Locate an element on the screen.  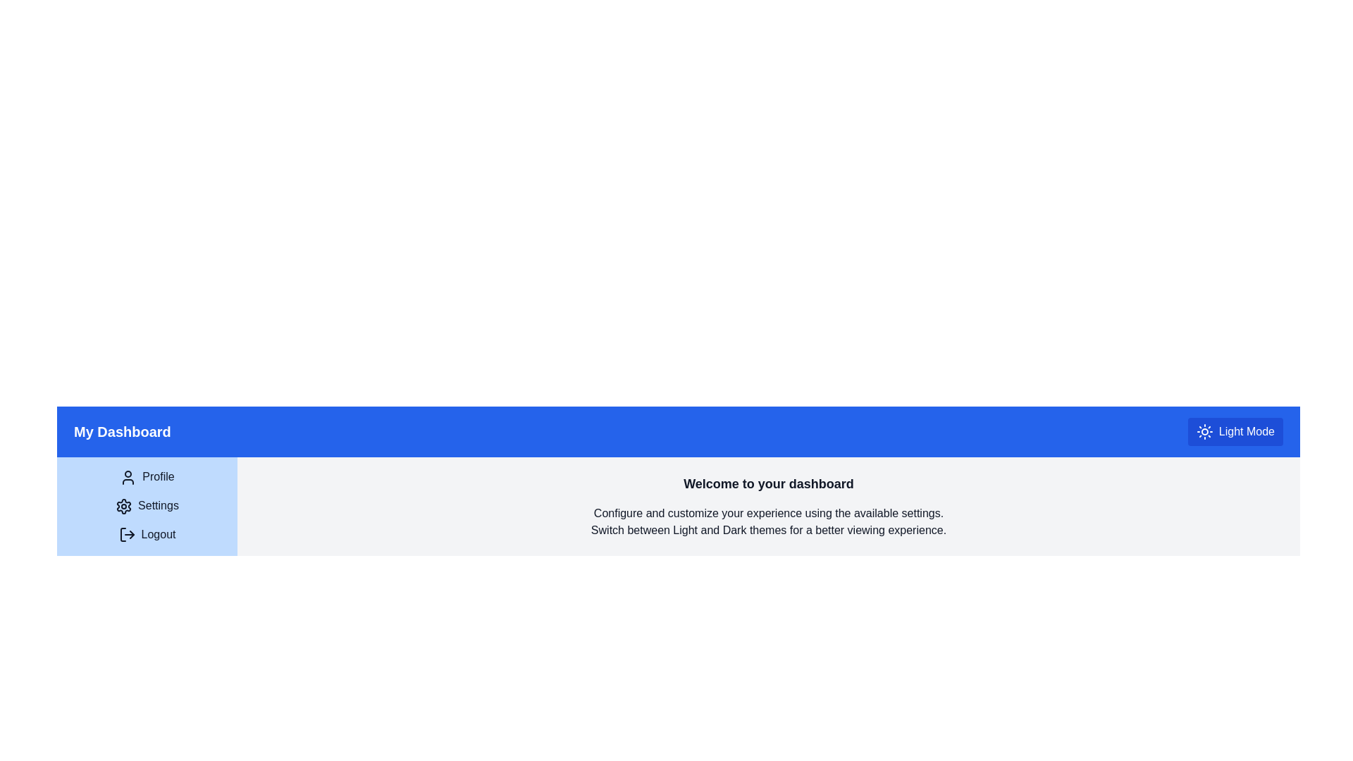
the logout icon, which is a minimalist door and arrow design, located to the left of the text label 'Logout' in the left sidebar navigation menu is located at coordinates (127, 535).